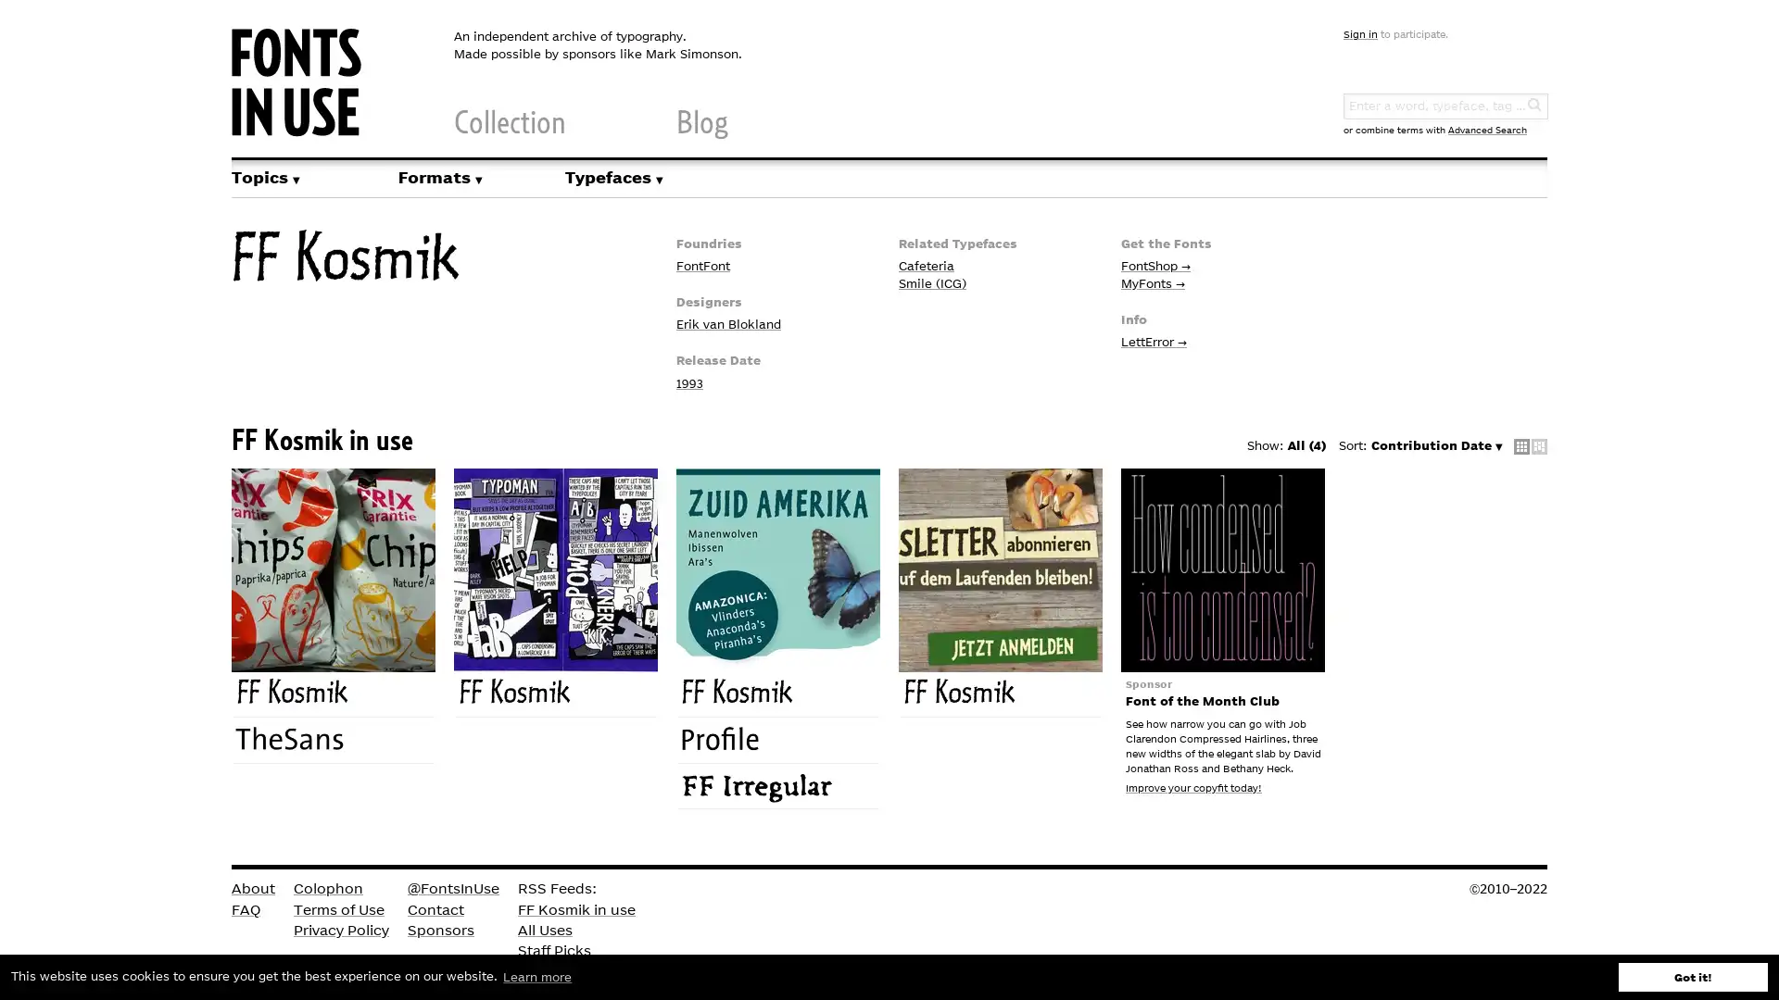 This screenshot has width=1779, height=1000. I want to click on dismiss cookie message, so click(1693, 976).